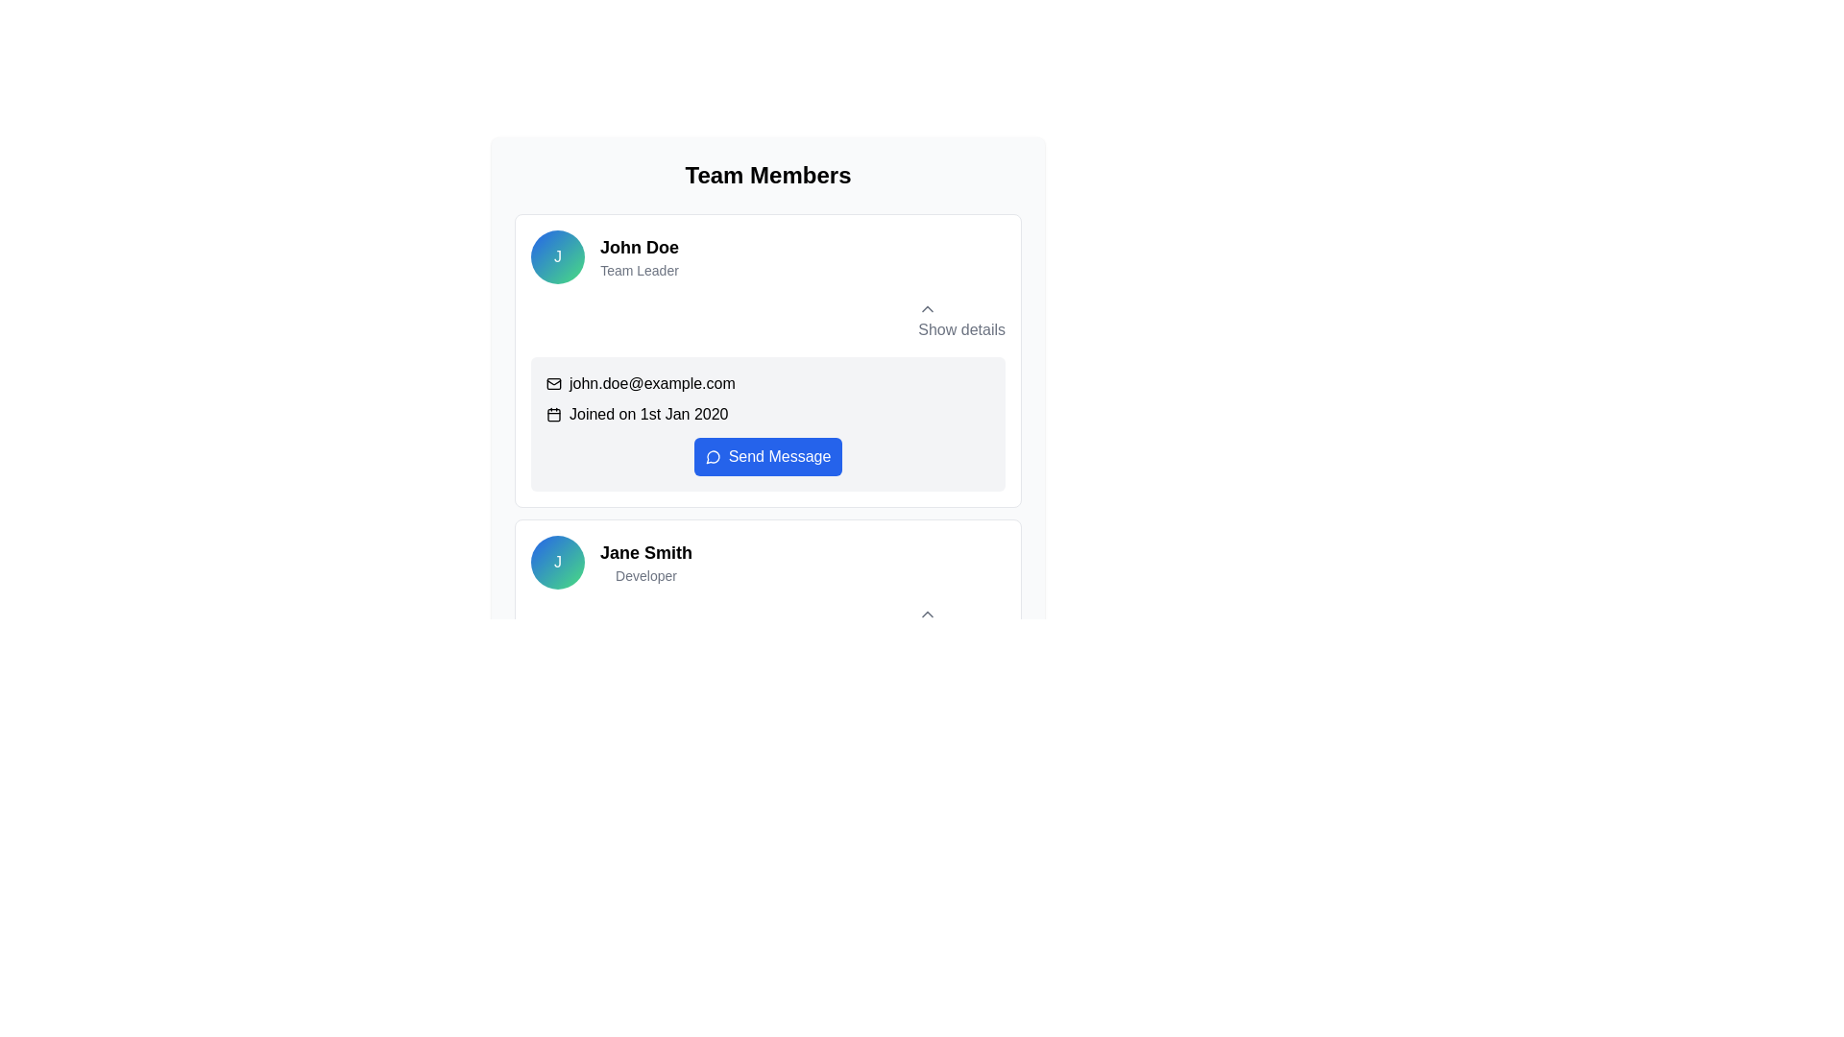  What do you see at coordinates (648, 414) in the screenshot?
I see `the text label providing the joining date of 'John Doe', located to the right of the calendar icon in the user profile section` at bounding box center [648, 414].